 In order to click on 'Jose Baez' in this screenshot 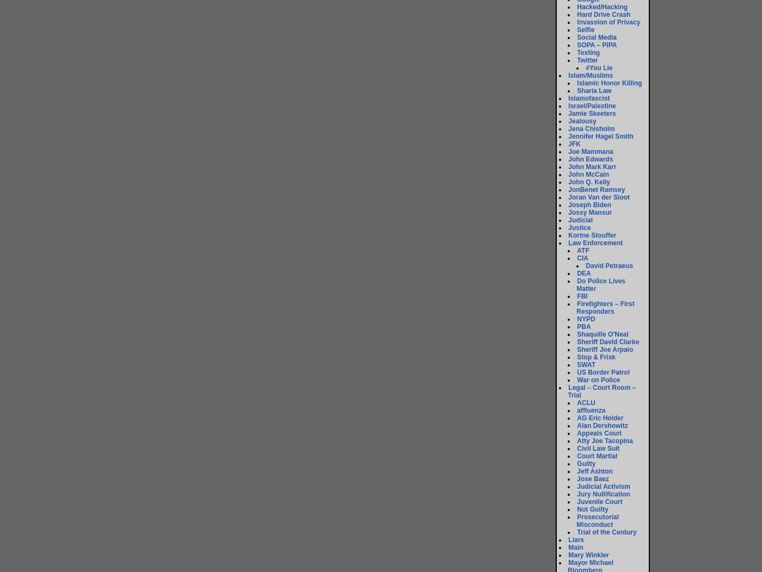, I will do `click(593, 479)`.